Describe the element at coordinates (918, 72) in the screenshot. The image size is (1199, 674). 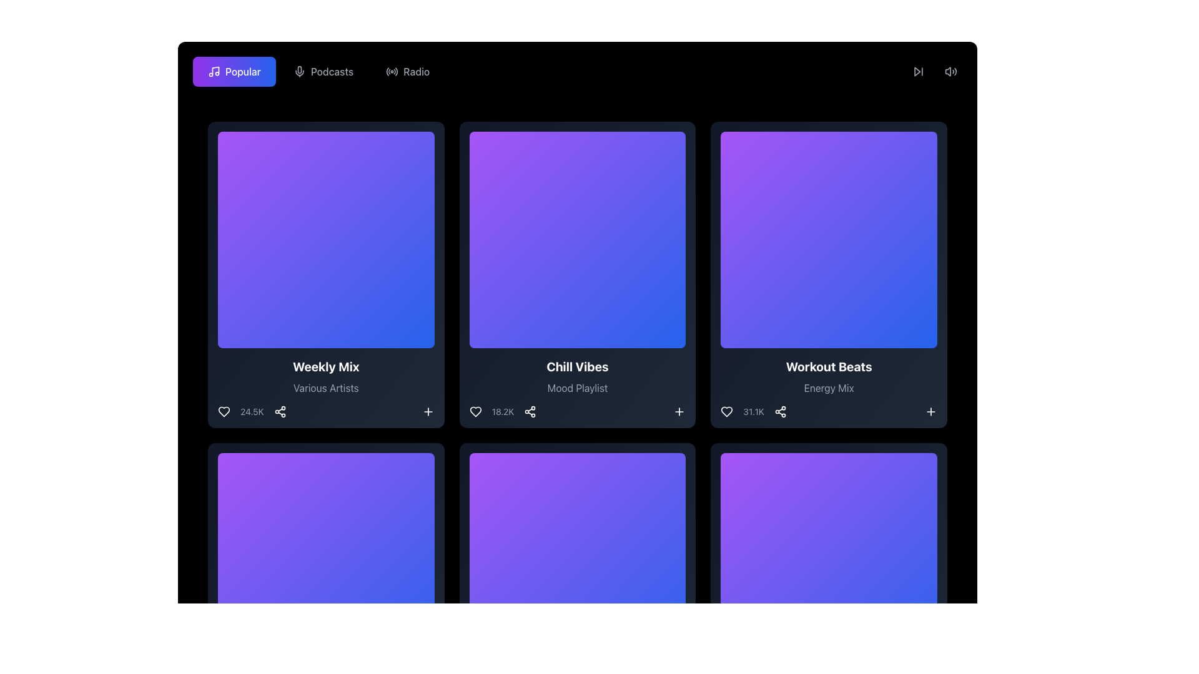
I see `the skip button icon located in the upper-right corner of the interface` at that location.